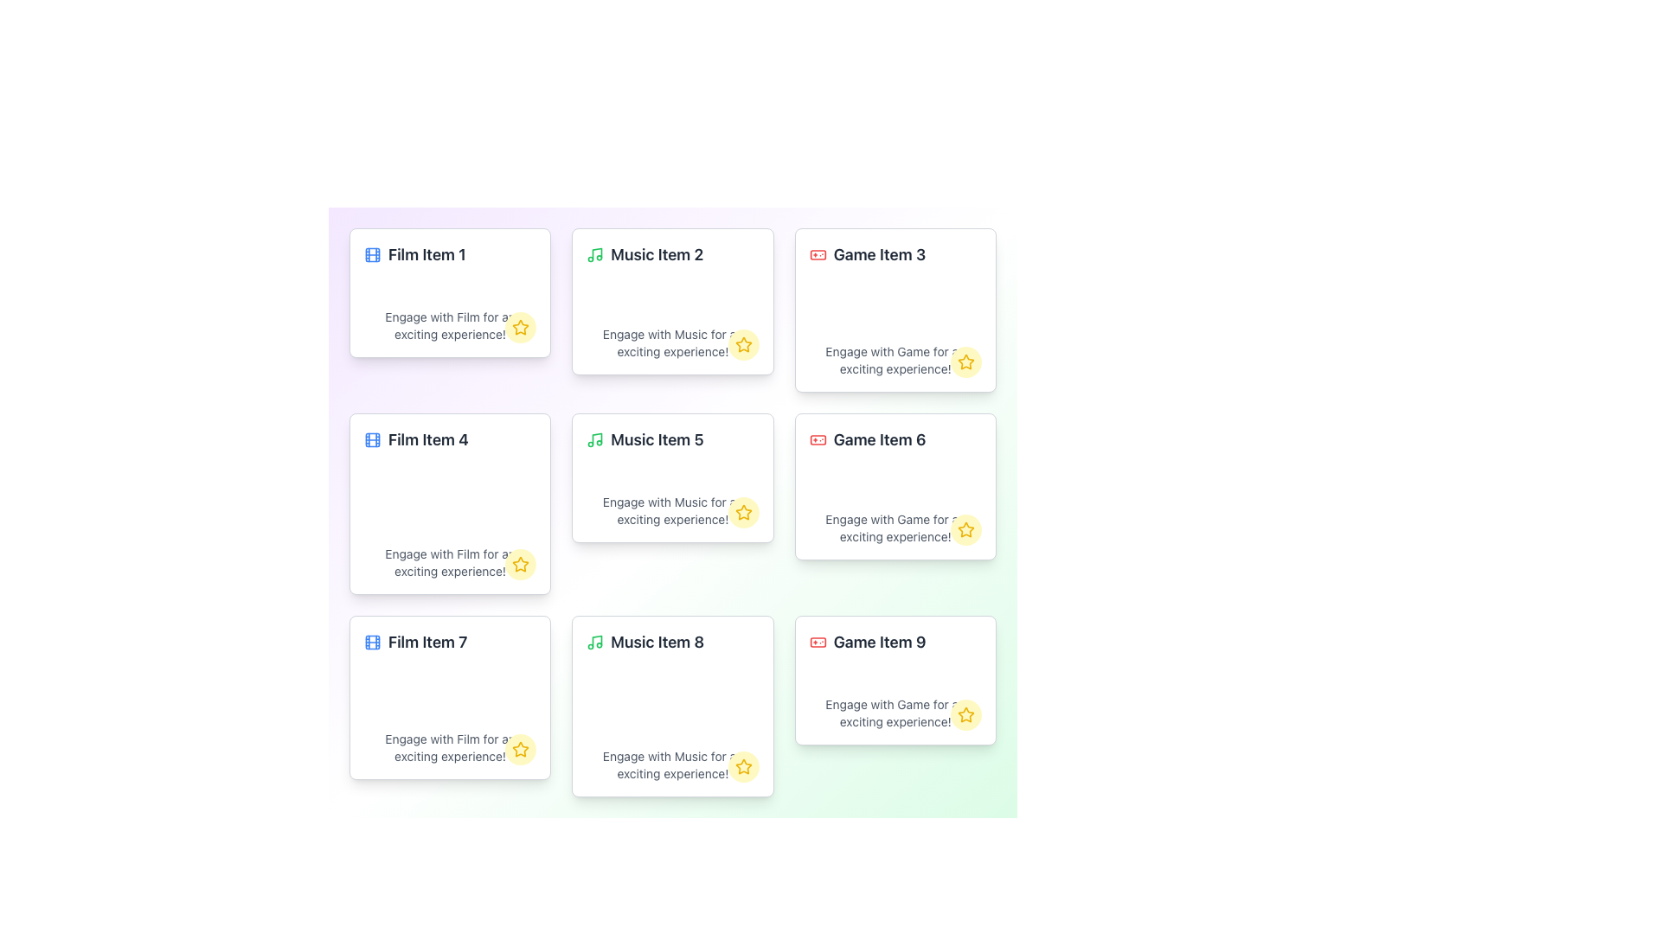  I want to click on the star icon button located at the bottom-right corner of the 'Film Item 4' card, so click(520, 564).